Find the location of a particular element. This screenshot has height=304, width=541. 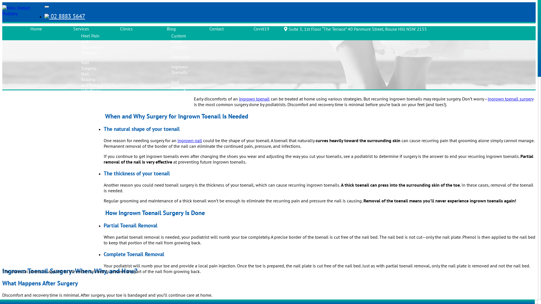

'Home' is located at coordinates (36, 28).